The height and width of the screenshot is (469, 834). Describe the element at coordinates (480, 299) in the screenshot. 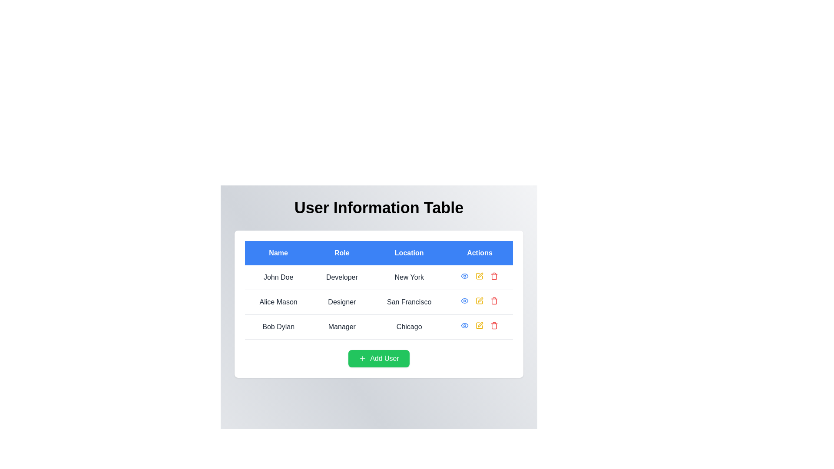

I see `the pen icon in the 'Actions' column of the 'Alice Mason' row to initiate the edit action` at that location.